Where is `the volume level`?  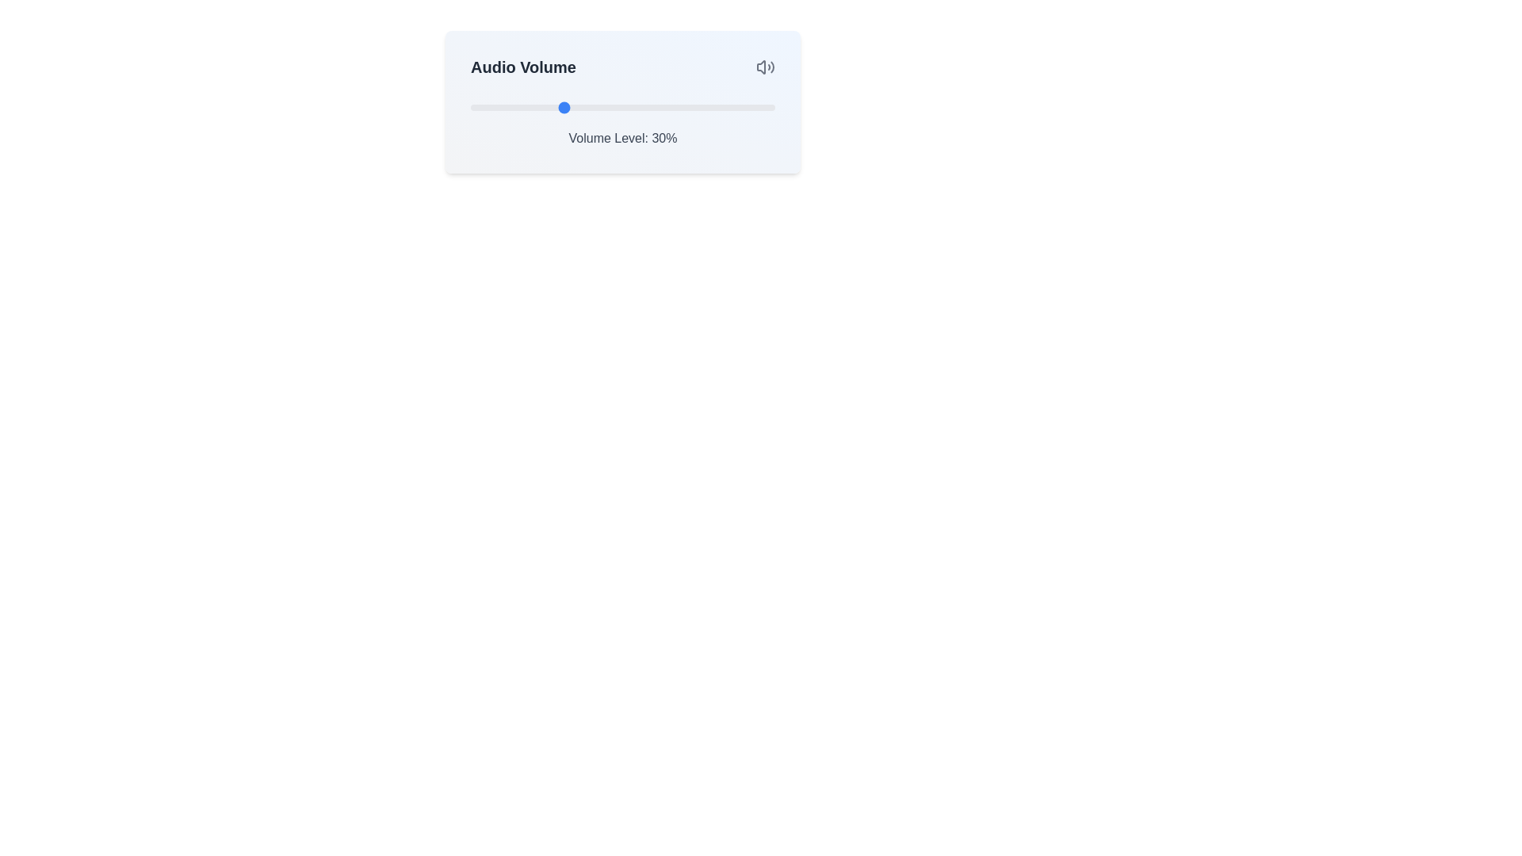
the volume level is located at coordinates (641, 107).